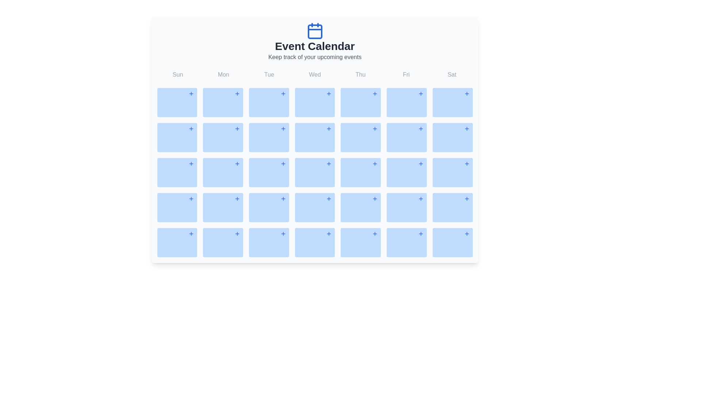 The width and height of the screenshot is (701, 394). Describe the element at coordinates (421, 163) in the screenshot. I see `the button located in the top-right corner of the blue-highlighted rectangular box in the calendar interface` at that location.